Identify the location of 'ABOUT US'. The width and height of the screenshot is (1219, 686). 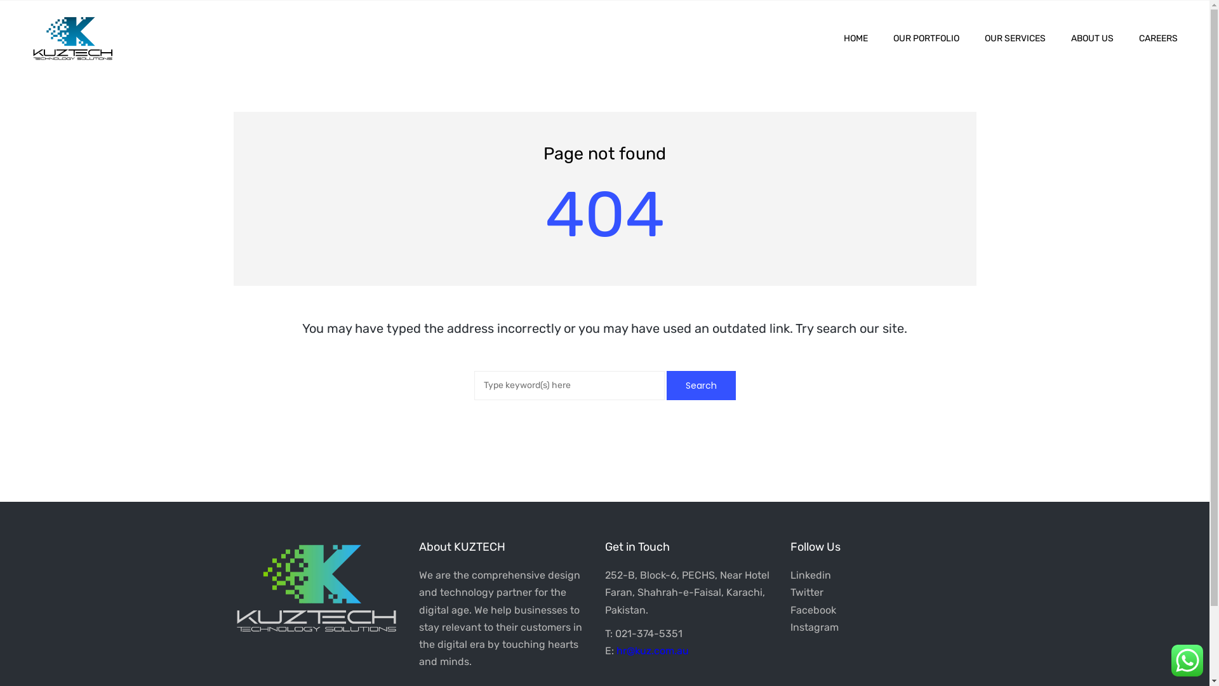
(1091, 38).